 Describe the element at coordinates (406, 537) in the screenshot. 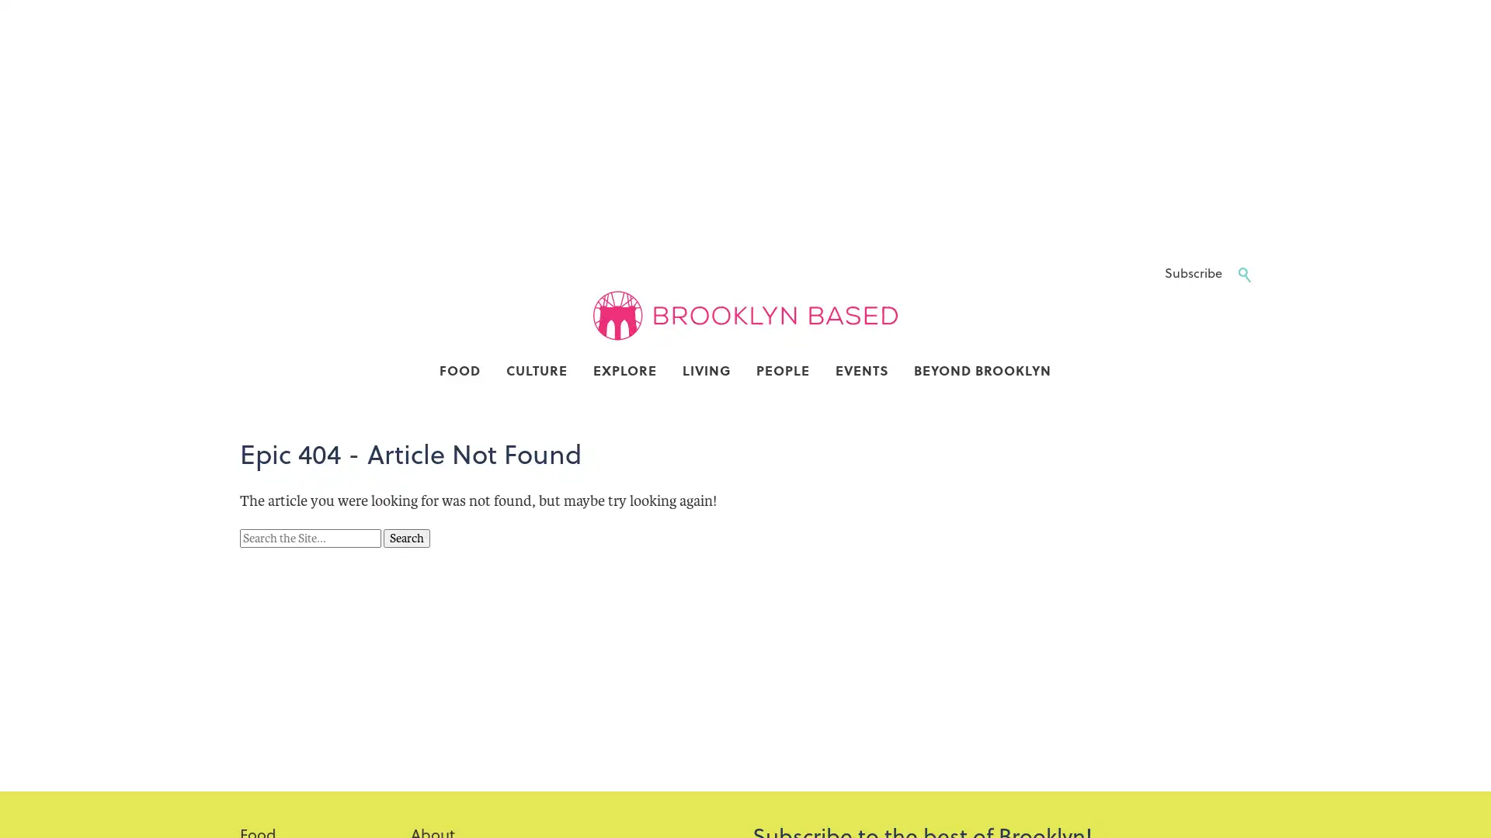

I see `Search` at that location.